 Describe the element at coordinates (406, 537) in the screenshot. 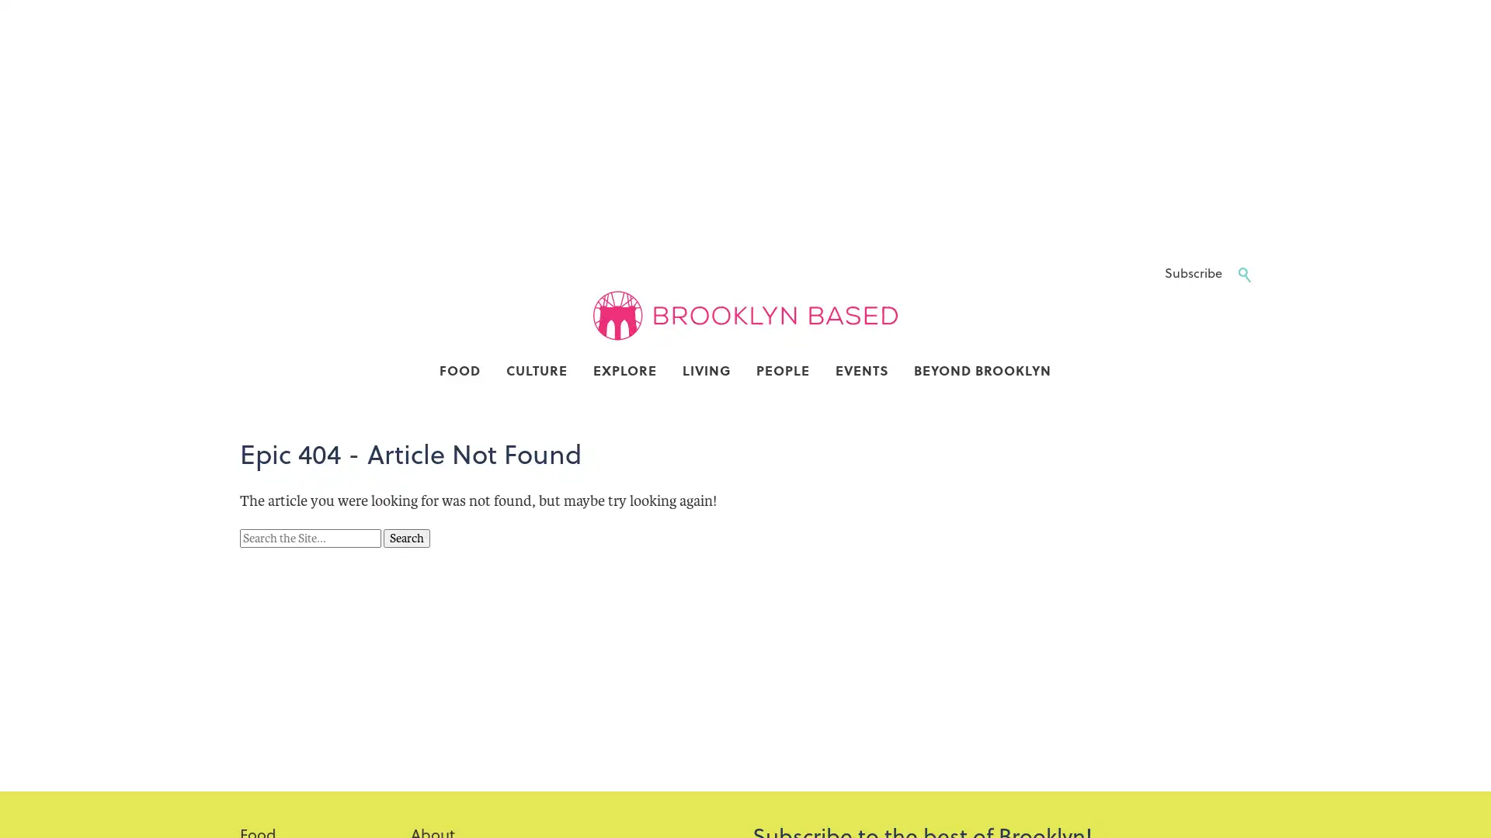

I see `Search` at that location.